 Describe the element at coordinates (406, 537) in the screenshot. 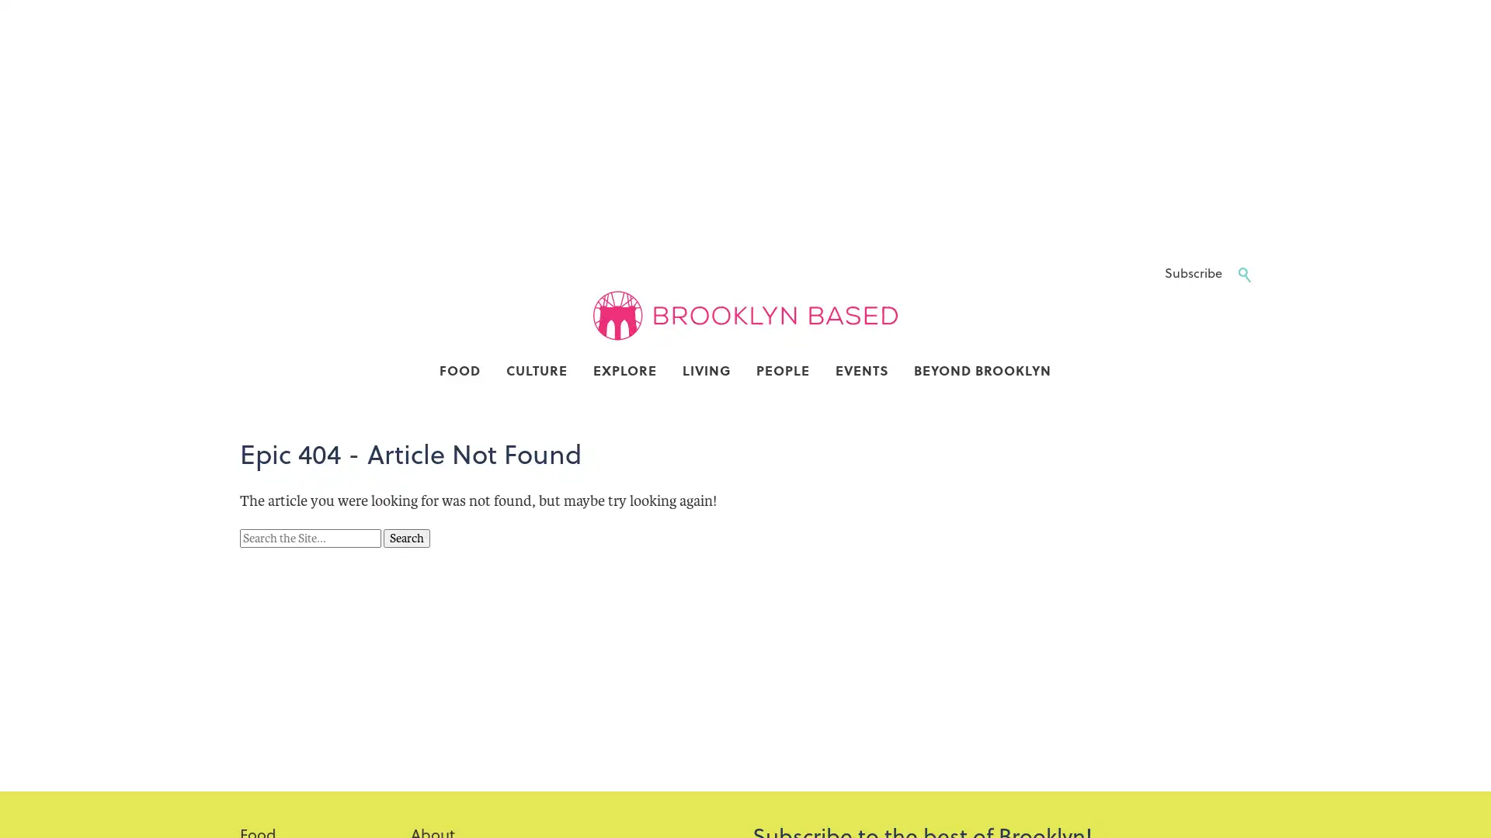

I see `Search` at that location.